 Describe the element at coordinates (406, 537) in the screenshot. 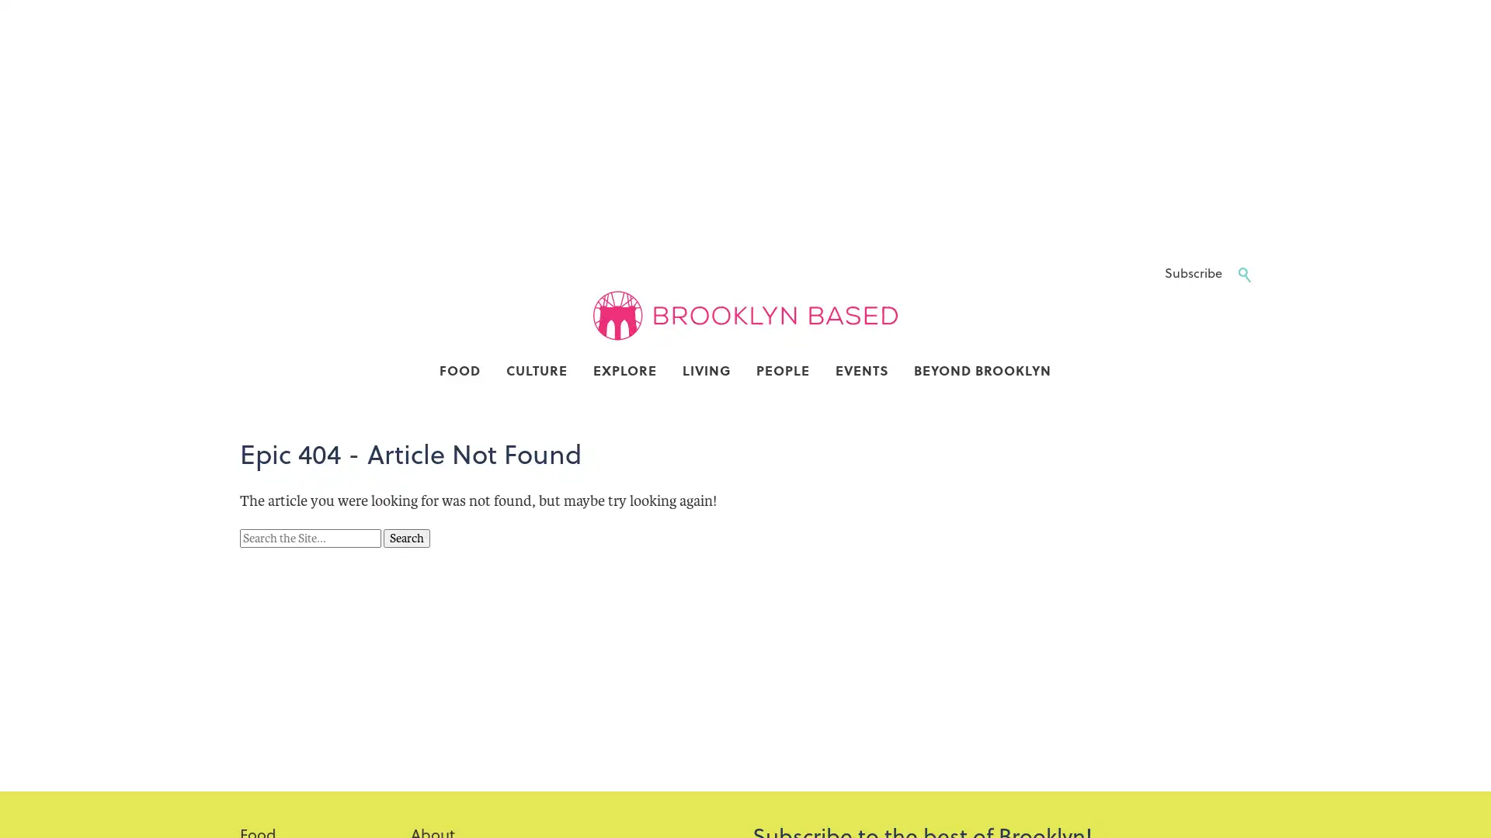

I see `Search` at that location.